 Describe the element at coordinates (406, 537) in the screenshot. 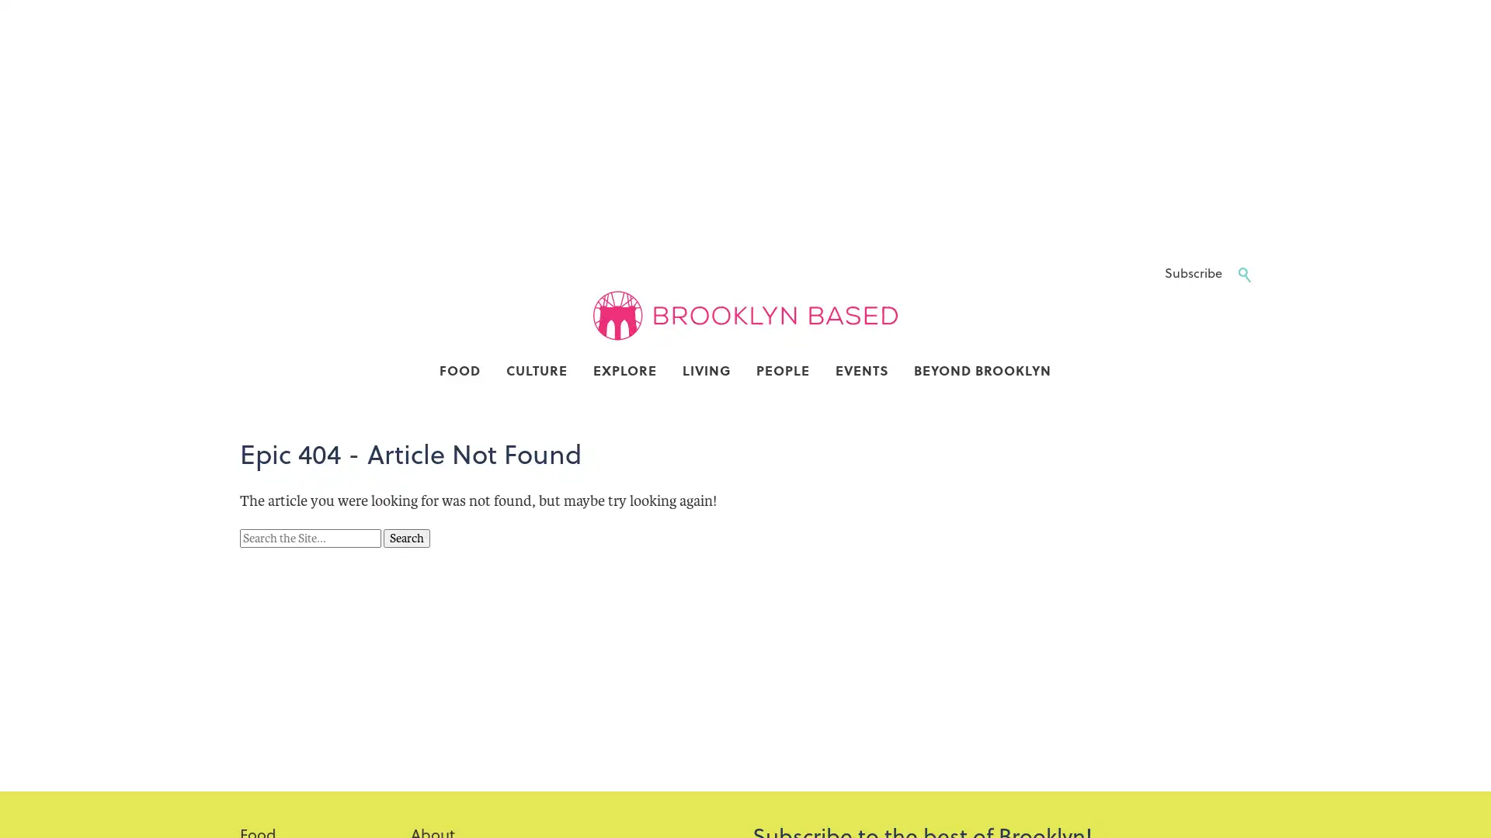

I see `Search` at that location.